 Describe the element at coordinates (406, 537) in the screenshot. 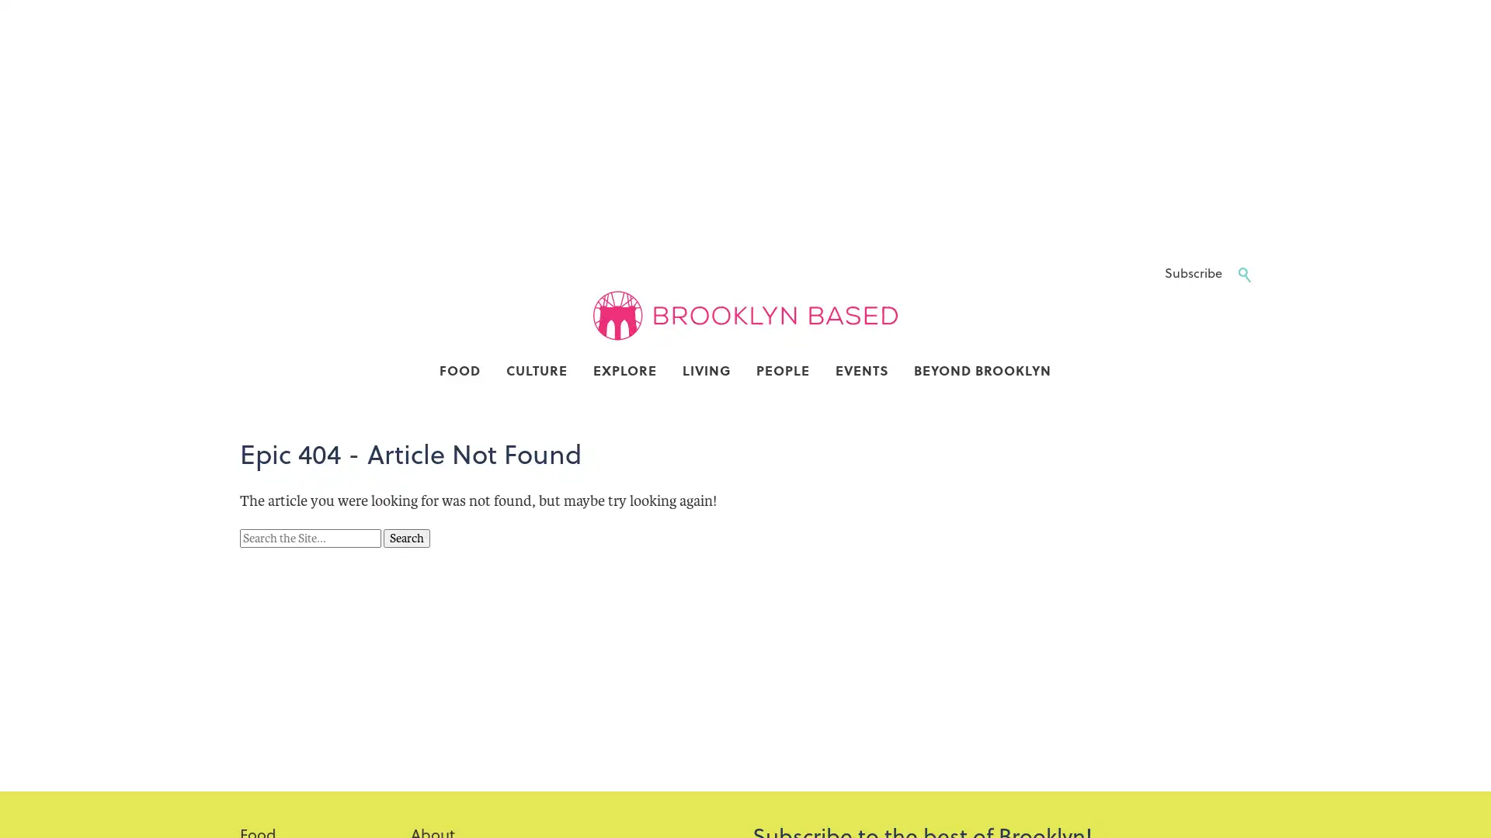

I see `Search` at that location.